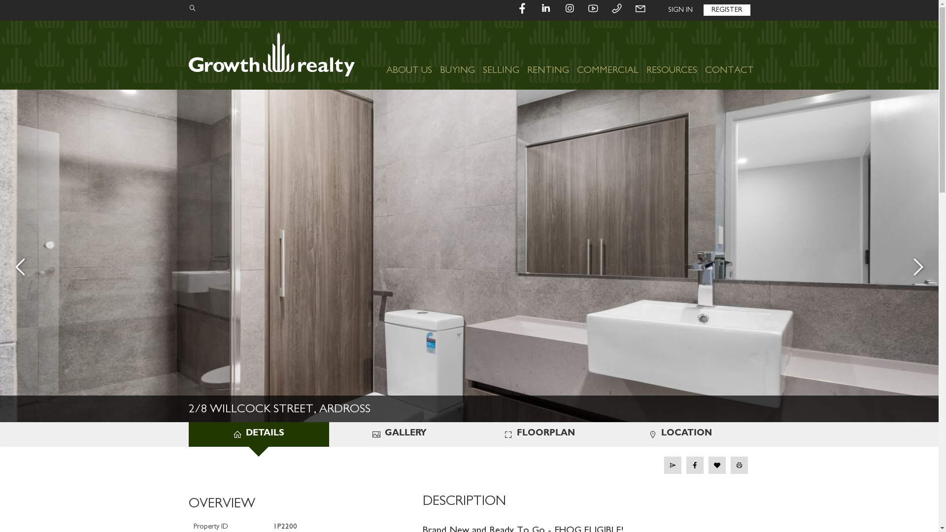 This screenshot has width=946, height=532. What do you see at coordinates (409, 55) in the screenshot?
I see `'ABOUT US'` at bounding box center [409, 55].